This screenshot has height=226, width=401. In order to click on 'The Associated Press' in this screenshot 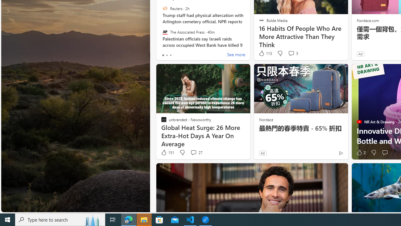, I will do `click(165, 32)`.